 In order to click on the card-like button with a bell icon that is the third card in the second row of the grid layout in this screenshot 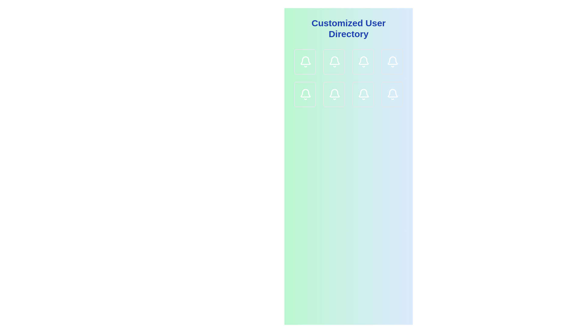, I will do `click(363, 94)`.